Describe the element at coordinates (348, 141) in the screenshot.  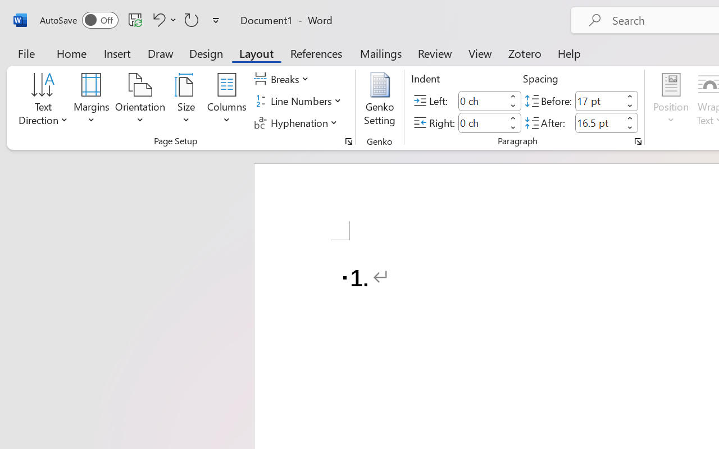
I see `'Page Setup...'` at that location.